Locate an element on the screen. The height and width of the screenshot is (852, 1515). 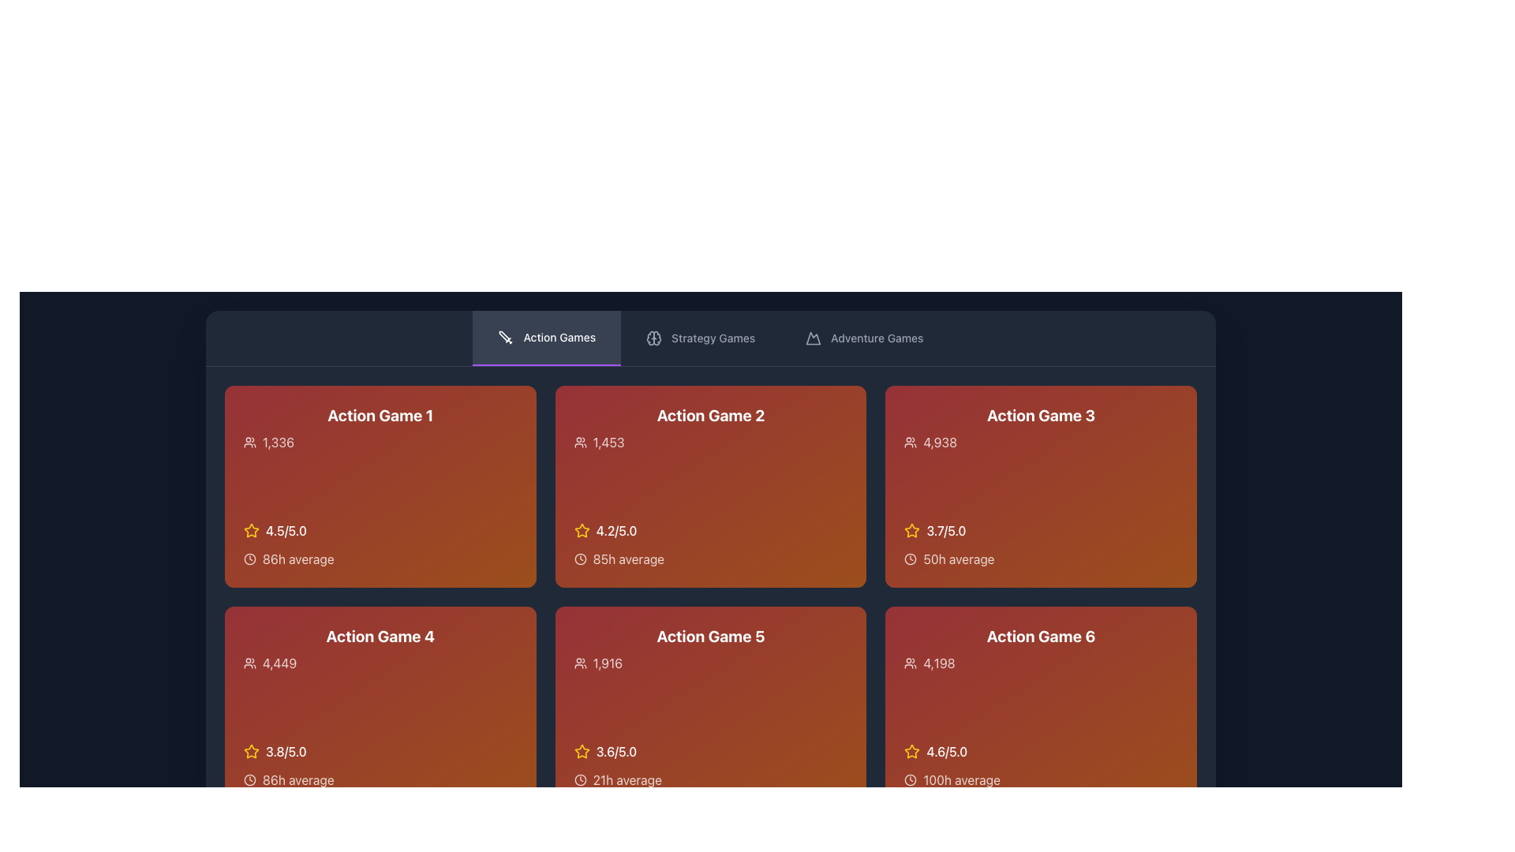
the first card in the 'Action Games' section that represents 'Action Game 1', providing information such as popularity, rating, and average playtime is located at coordinates (380, 486).